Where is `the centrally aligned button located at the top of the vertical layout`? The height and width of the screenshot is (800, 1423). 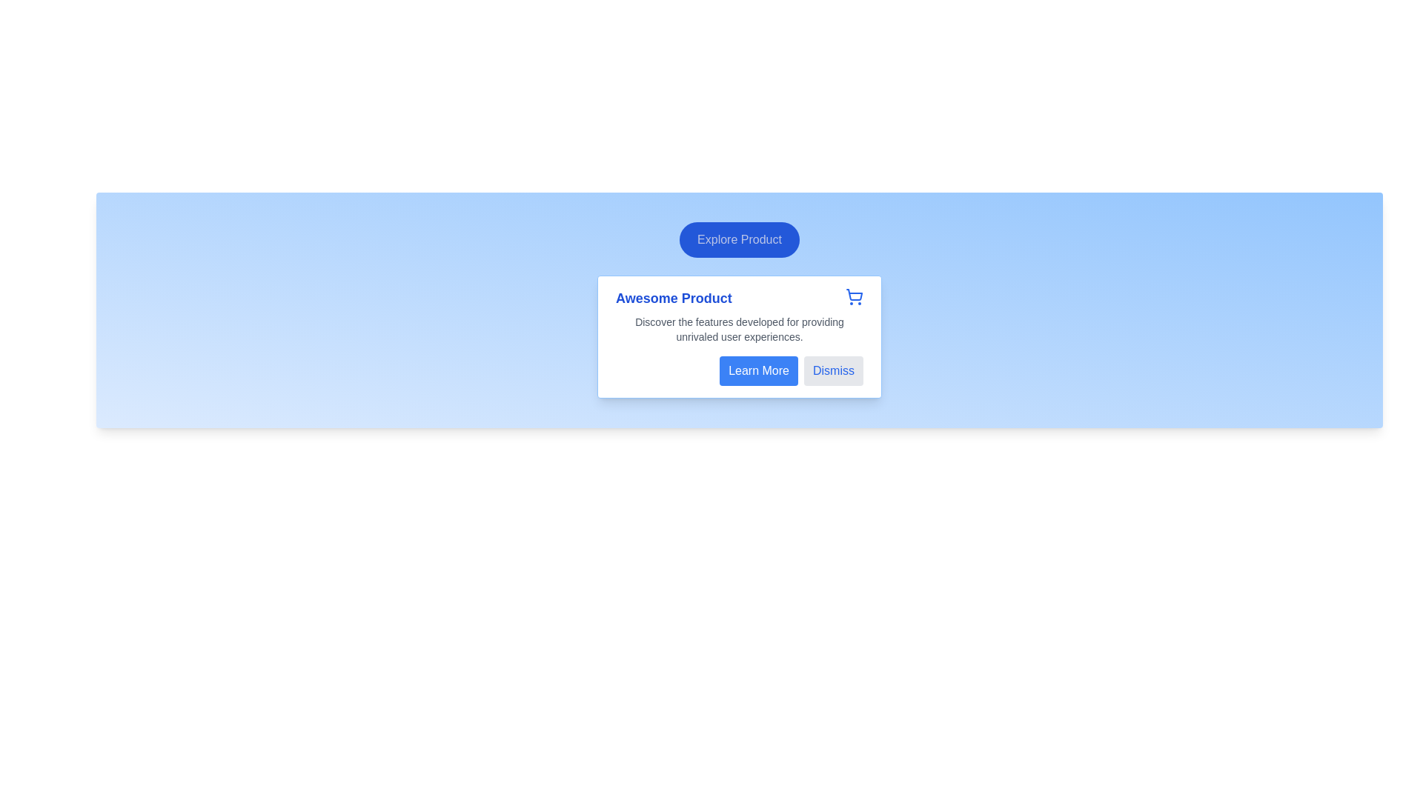
the centrally aligned button located at the top of the vertical layout is located at coordinates (740, 239).